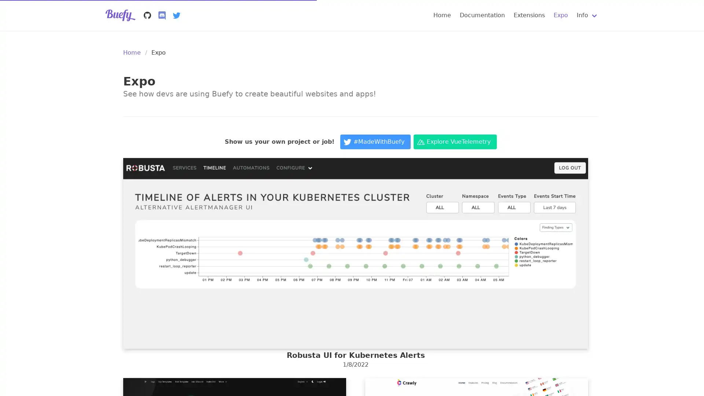  Describe the element at coordinates (375, 142) in the screenshot. I see `#MadeWithBuefy` at that location.